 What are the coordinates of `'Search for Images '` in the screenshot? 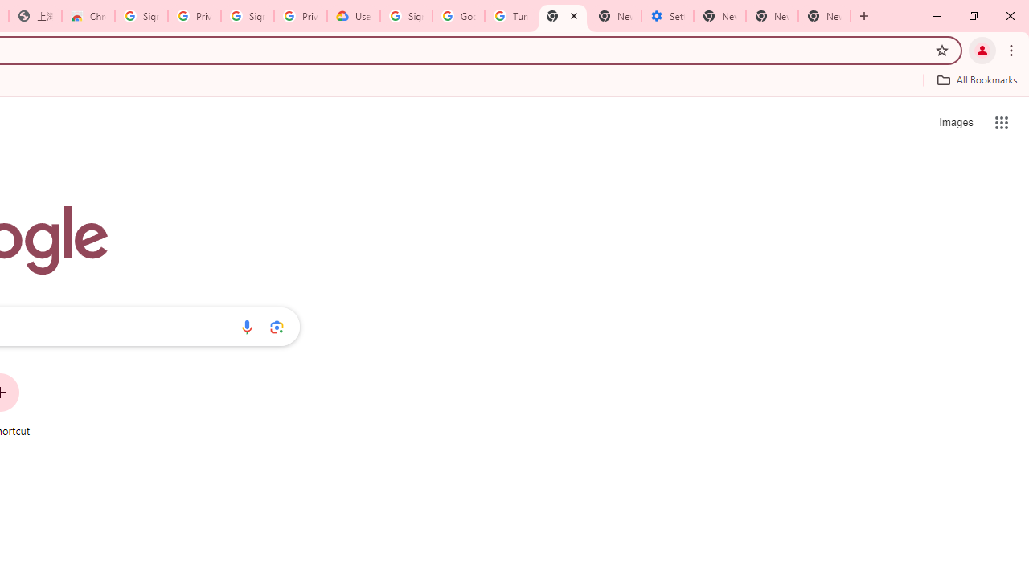 It's located at (956, 122).